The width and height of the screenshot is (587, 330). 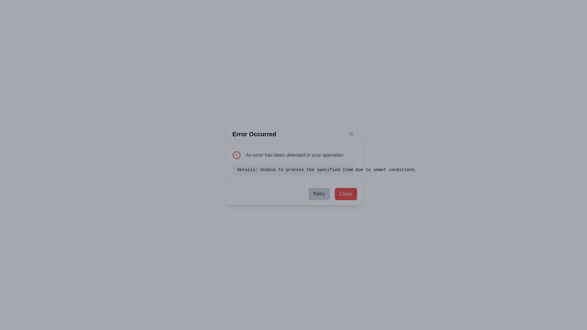 I want to click on the static text label with an alert icon that indicates an error notification, positioned below the modal title 'Error Occurred' in the center of the modal body, so click(x=293, y=155).